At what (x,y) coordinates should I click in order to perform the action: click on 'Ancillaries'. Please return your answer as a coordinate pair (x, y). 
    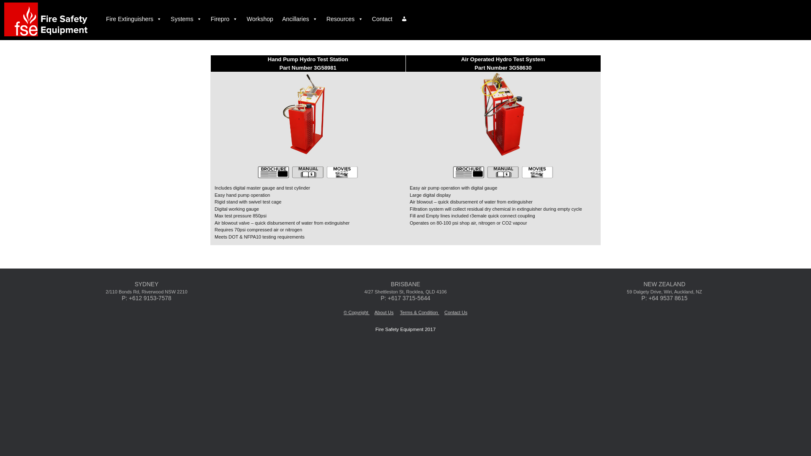
    Looking at the image, I should click on (300, 19).